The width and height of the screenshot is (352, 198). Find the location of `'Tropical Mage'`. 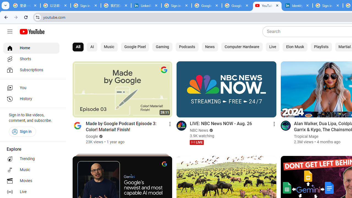

'Tropical Mage' is located at coordinates (306, 136).